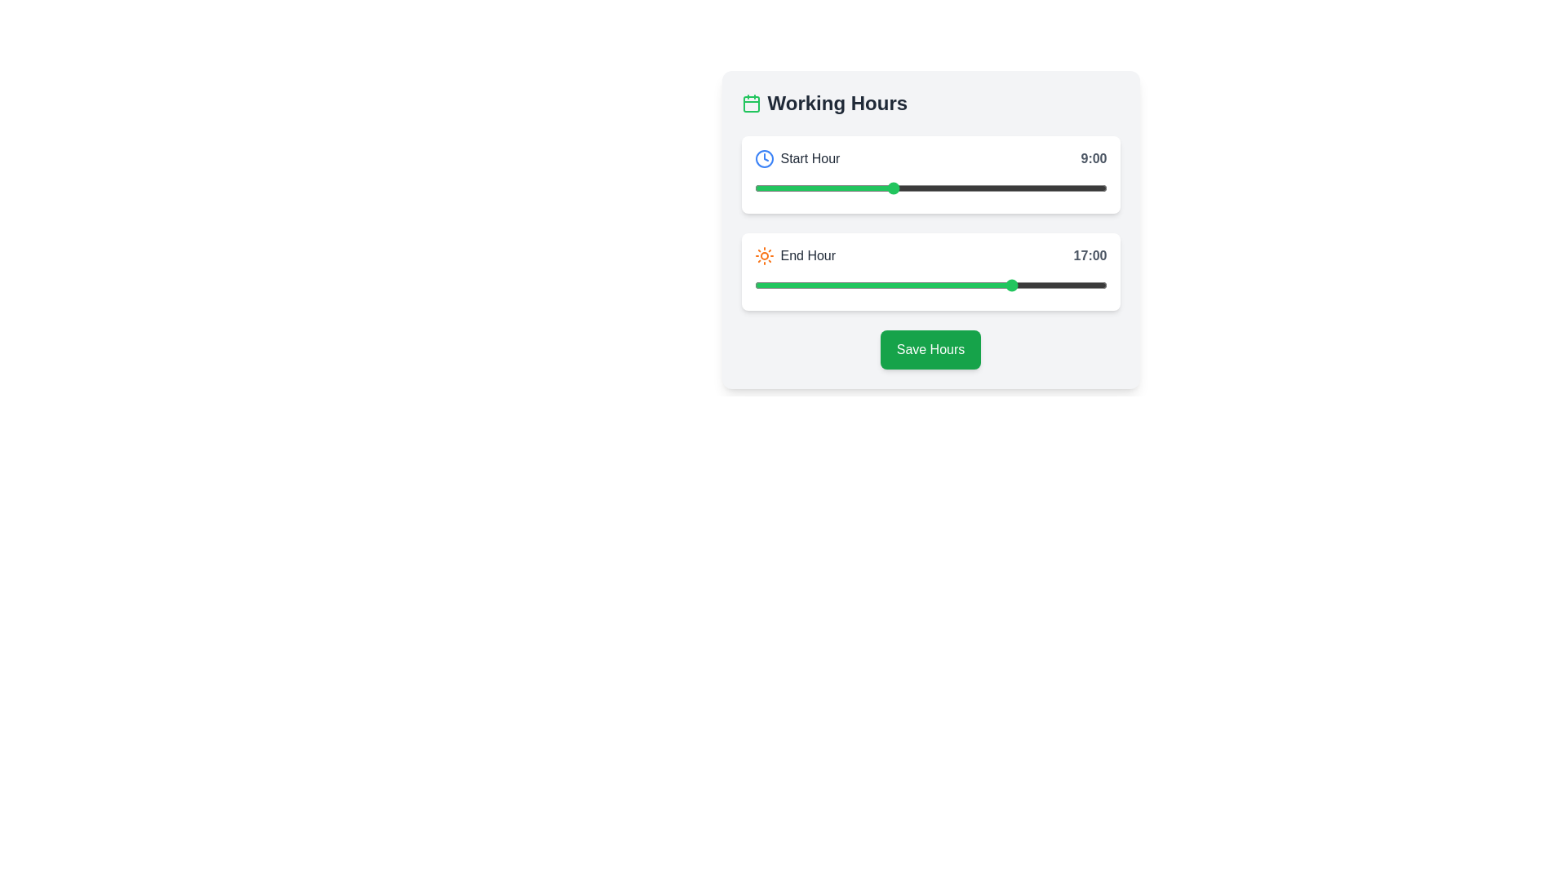 Image resolution: width=1567 pixels, height=881 pixels. Describe the element at coordinates (1094, 159) in the screenshot. I see `the Text label displaying '9:00' in bold gray font, located at the top-right corner of the 'Start Hour' section adjacent to the clock icon` at that location.